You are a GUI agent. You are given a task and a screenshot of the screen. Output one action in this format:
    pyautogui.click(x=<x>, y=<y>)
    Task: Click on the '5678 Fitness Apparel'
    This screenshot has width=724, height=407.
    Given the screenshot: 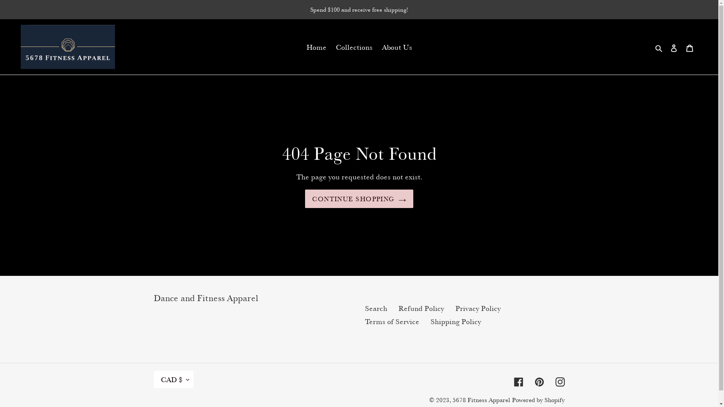 What is the action you would take?
    pyautogui.click(x=481, y=399)
    